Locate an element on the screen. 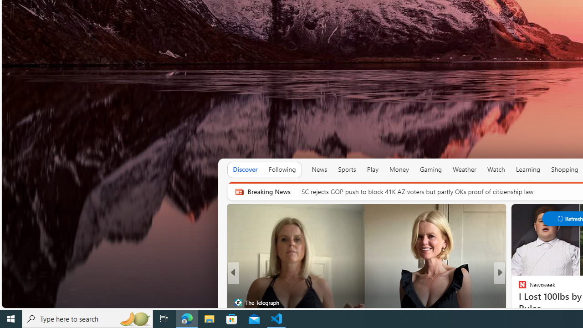 This screenshot has height=328, width=583. 'The Telegraph' is located at coordinates (238, 302).